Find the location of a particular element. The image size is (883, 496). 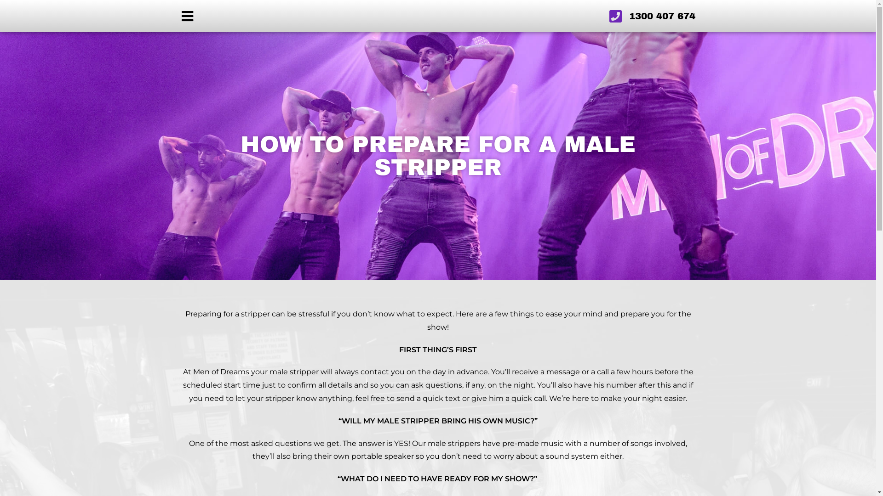

'1300 407 674' is located at coordinates (612, 16).